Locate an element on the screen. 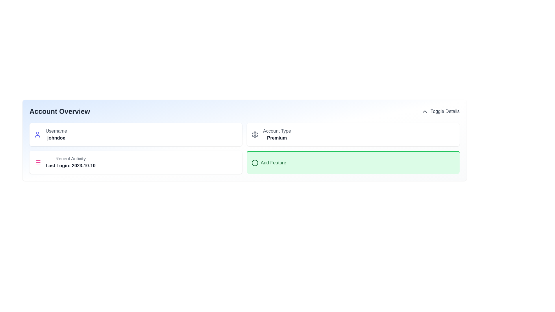 The height and width of the screenshot is (312, 555). the pink icon resembling a stylized list located to the left of the 'Recent Activity' text in the 'Account Overview' section is located at coordinates (37, 162).